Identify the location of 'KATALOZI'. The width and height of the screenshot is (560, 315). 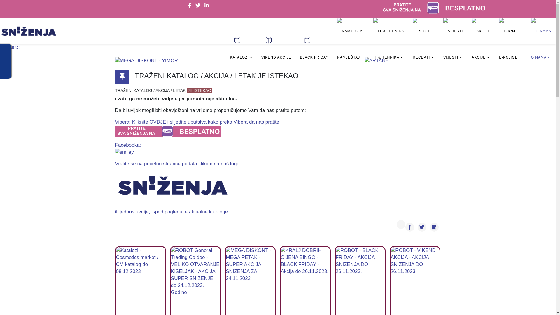
(225, 53).